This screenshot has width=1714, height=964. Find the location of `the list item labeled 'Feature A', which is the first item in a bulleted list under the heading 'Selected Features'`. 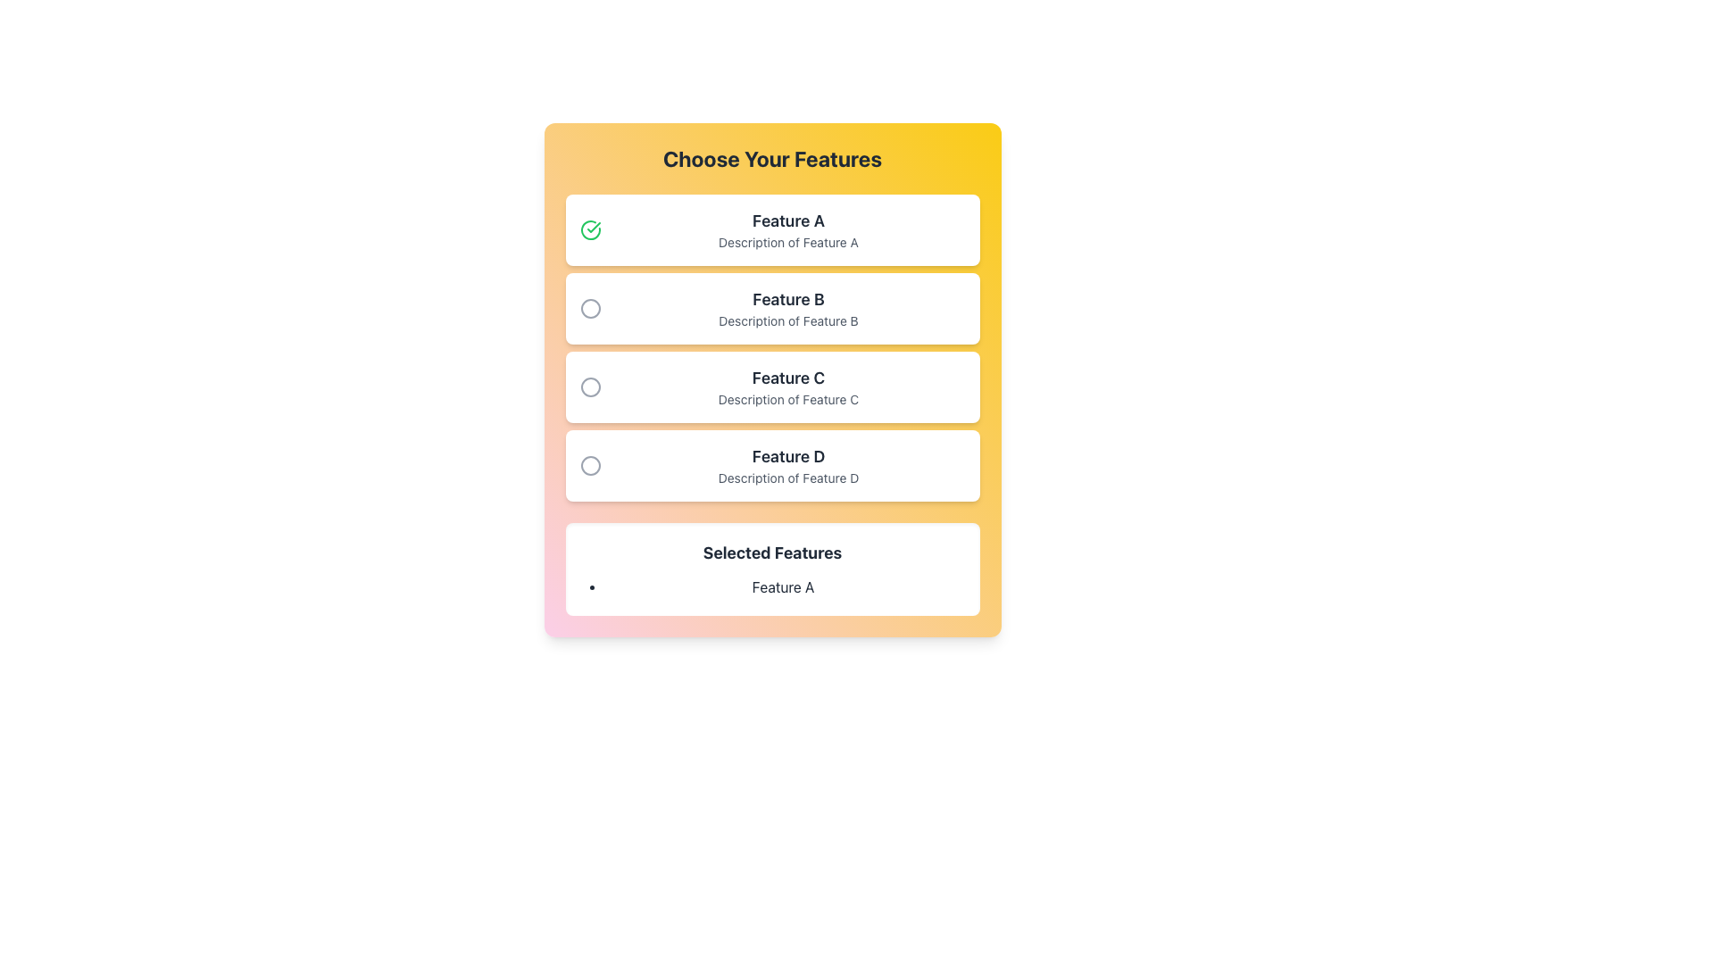

the list item labeled 'Feature A', which is the first item in a bulleted list under the heading 'Selected Features' is located at coordinates (772, 587).